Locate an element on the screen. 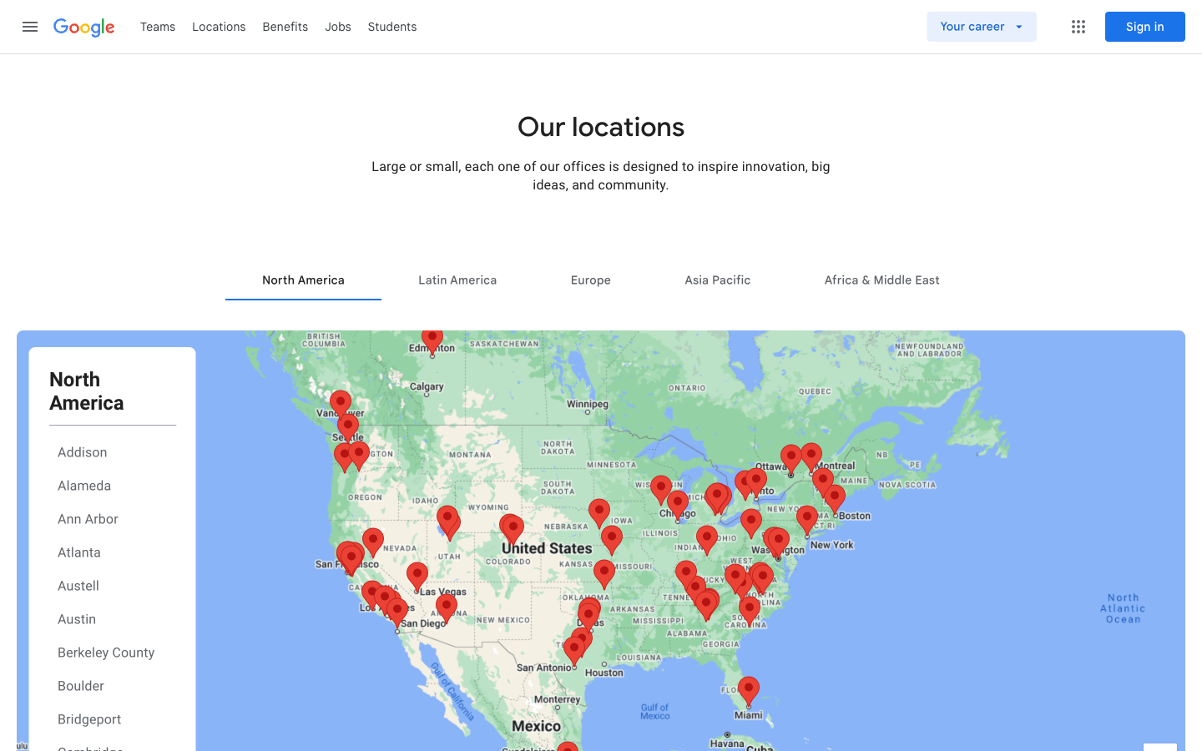 The width and height of the screenshot is (1202, 751). the Teams tab is located at coordinates (158, 25).